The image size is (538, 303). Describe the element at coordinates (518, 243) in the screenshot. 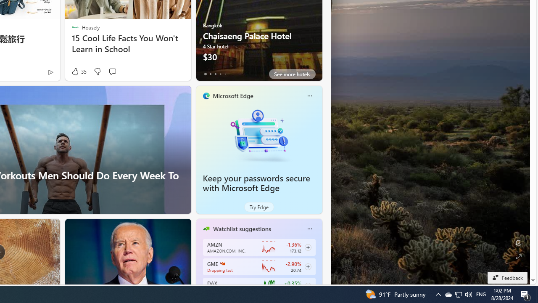

I see `'Edit Background'` at that location.